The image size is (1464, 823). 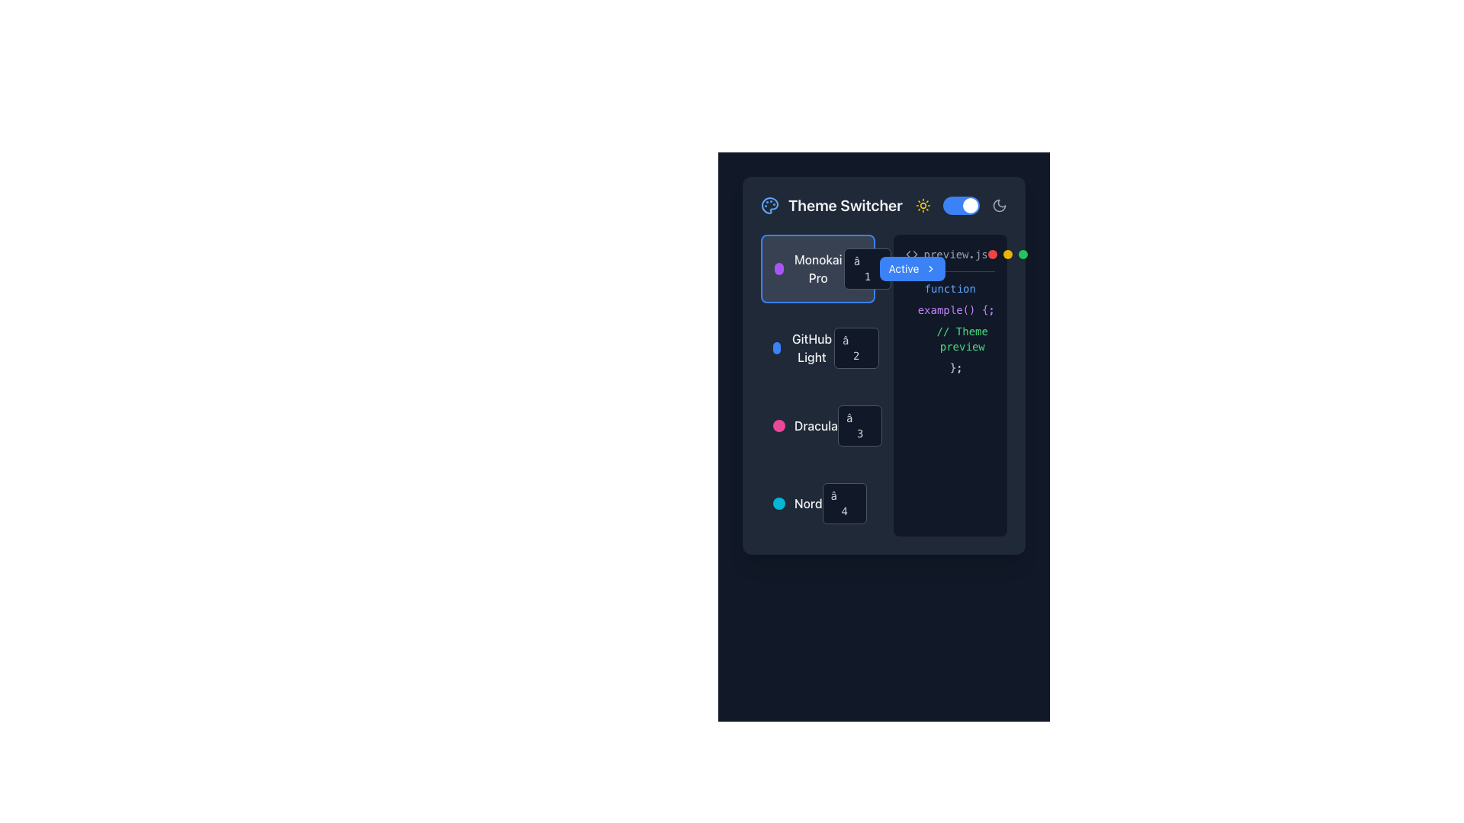 What do you see at coordinates (779, 503) in the screenshot?
I see `the color of the small cyan circular icon located on the left side of the theme options list, adjacent to the 'Nord' text` at bounding box center [779, 503].